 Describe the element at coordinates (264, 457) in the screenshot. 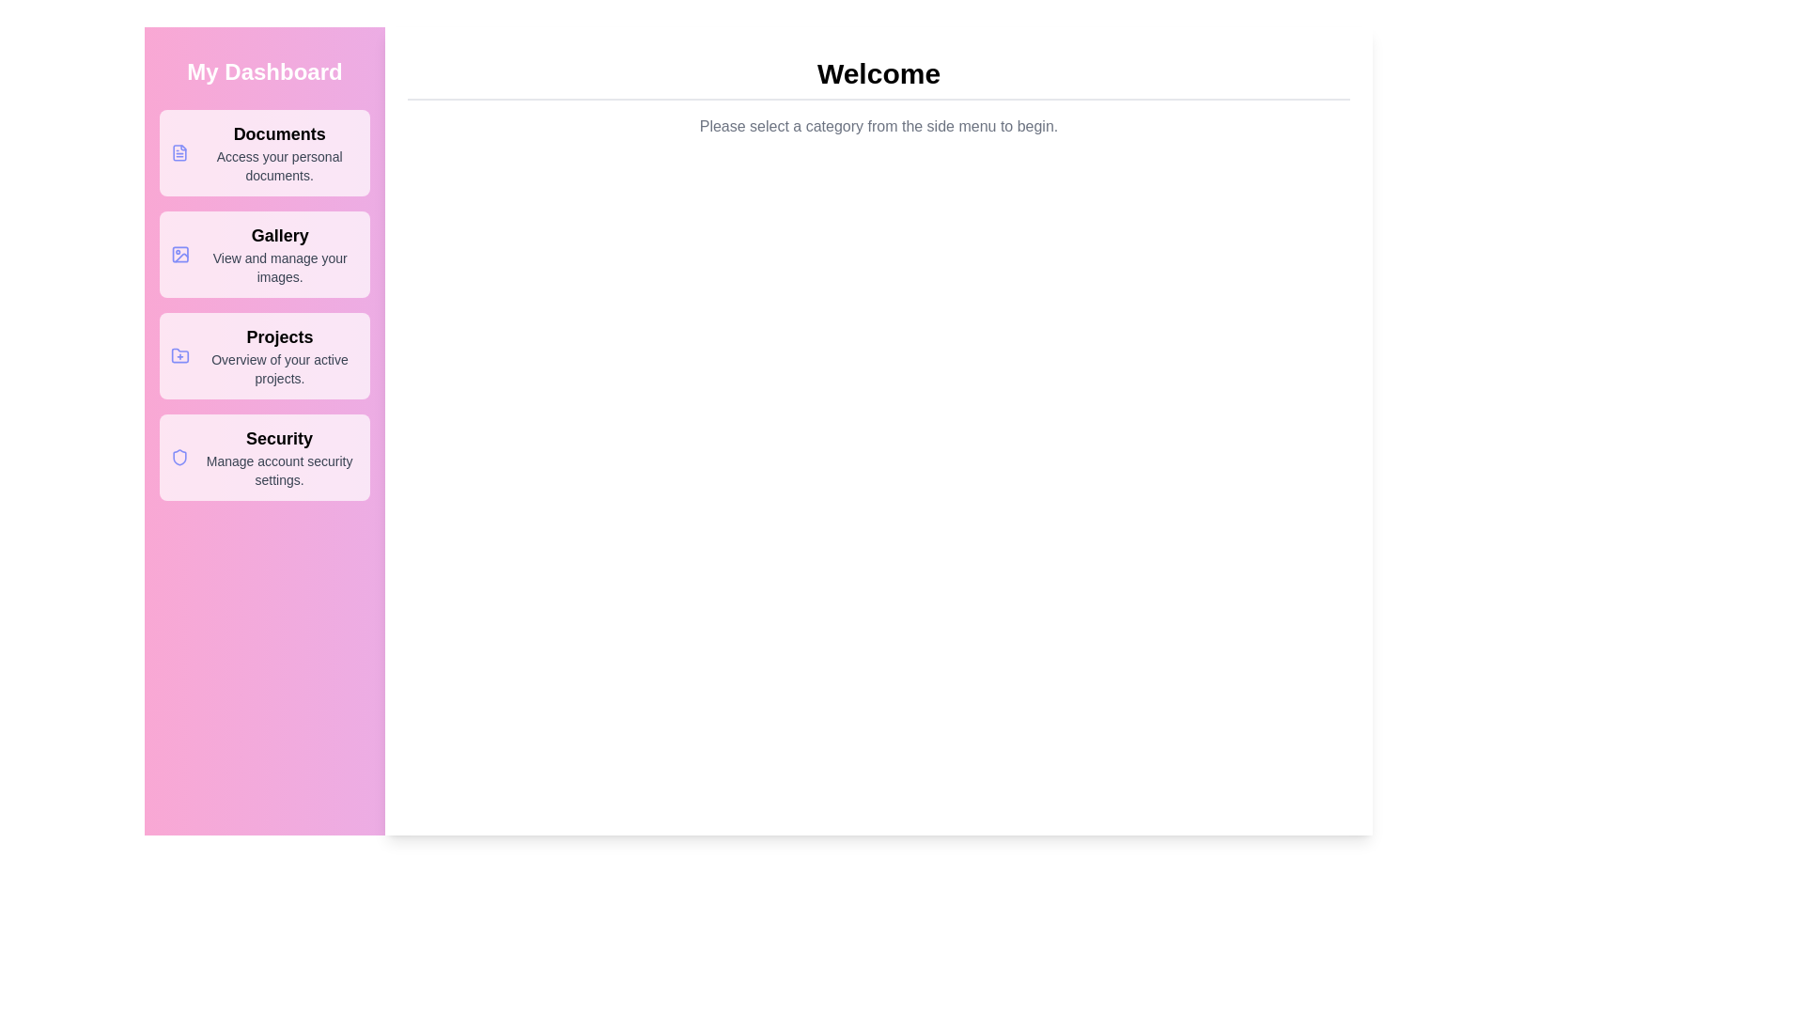

I see `the menu option Security from the available options` at that location.